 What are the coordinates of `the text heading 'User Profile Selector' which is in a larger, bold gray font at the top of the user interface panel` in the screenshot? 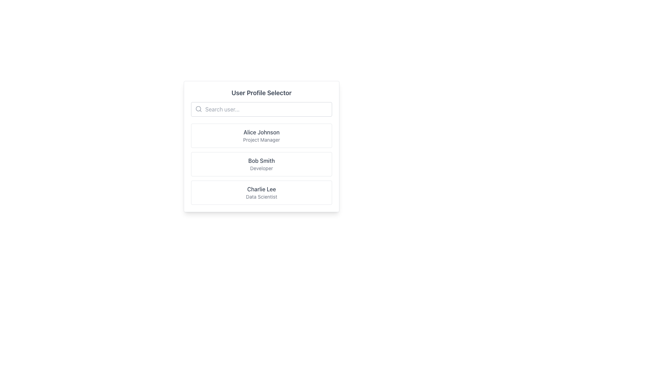 It's located at (261, 92).